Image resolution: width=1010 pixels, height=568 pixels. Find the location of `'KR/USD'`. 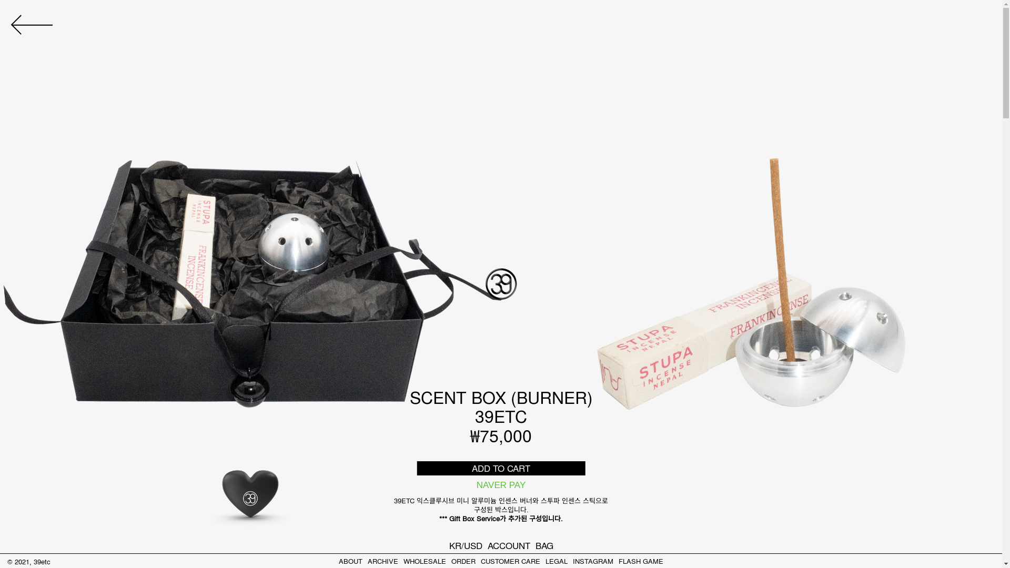

'KR/USD' is located at coordinates (465, 544).